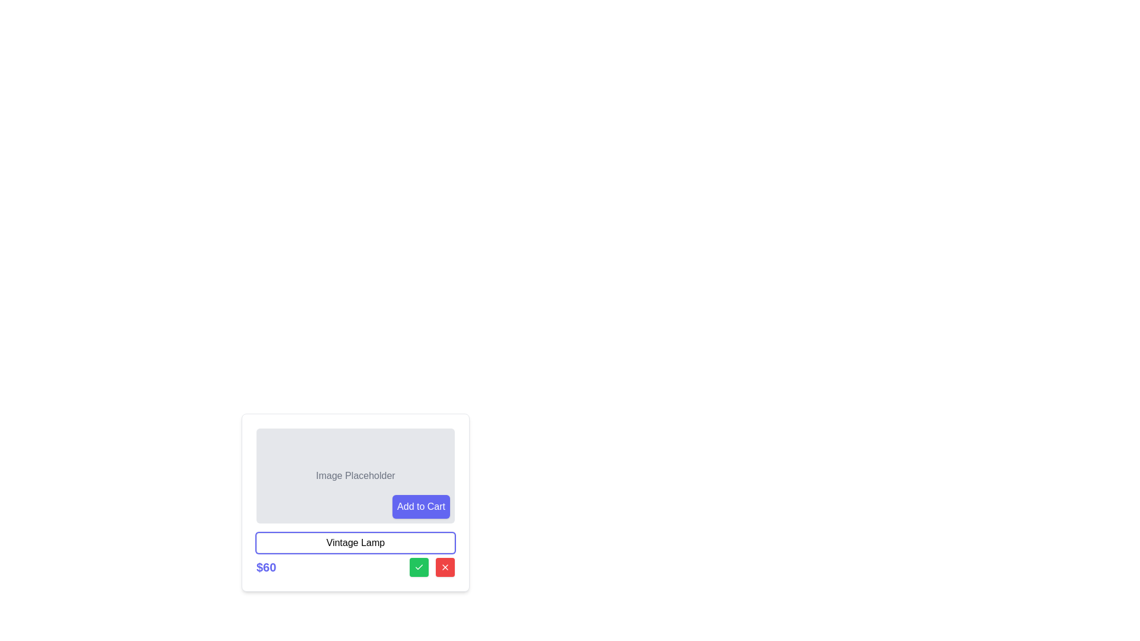 This screenshot has height=641, width=1140. Describe the element at coordinates (265, 567) in the screenshot. I see `the bold indigo text label displaying '$60', which is prominently positioned on the far left side of the bottom section of the interface, beside other controls` at that location.